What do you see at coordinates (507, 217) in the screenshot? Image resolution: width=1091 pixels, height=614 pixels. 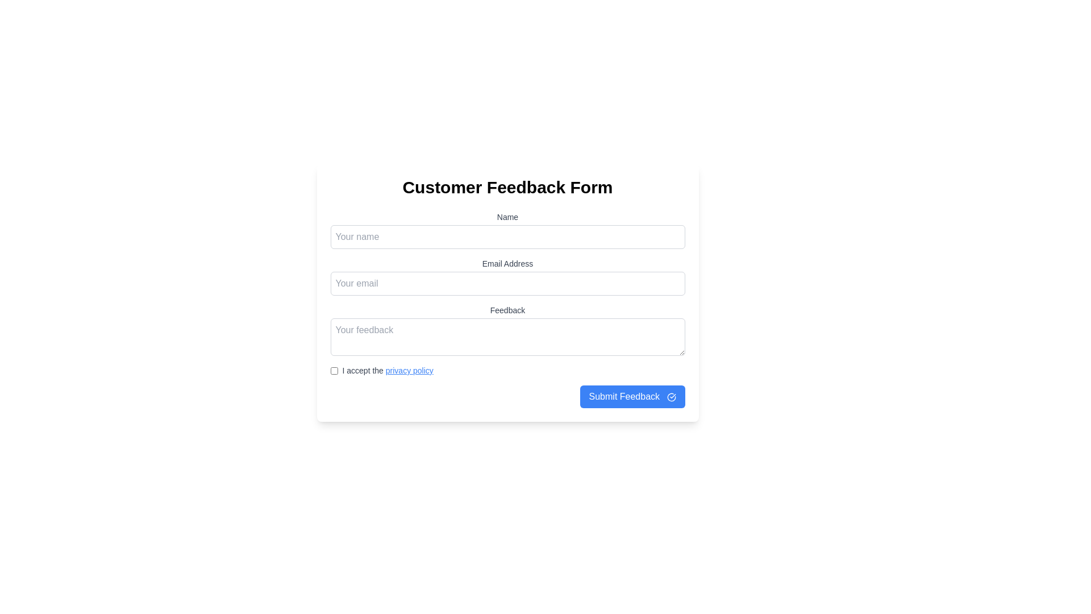 I see `text label indicating 'Your name' above the text input field in the Customer Feedback Form` at bounding box center [507, 217].